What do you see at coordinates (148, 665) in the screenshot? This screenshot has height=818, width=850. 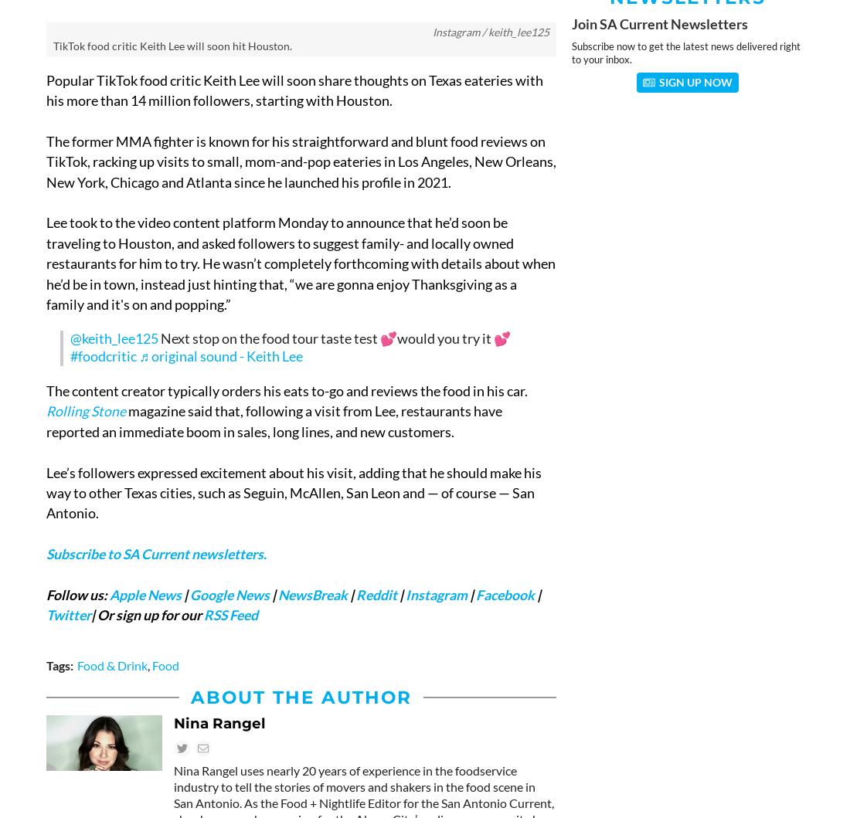 I see `','` at bounding box center [148, 665].